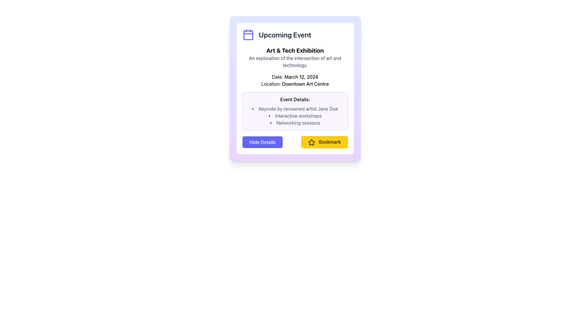 The image size is (563, 316). What do you see at coordinates (305, 84) in the screenshot?
I see `text content of the Text label that conveys the name of the location relevant to the event described in the card, positioned under the 'Location:' label` at bounding box center [305, 84].